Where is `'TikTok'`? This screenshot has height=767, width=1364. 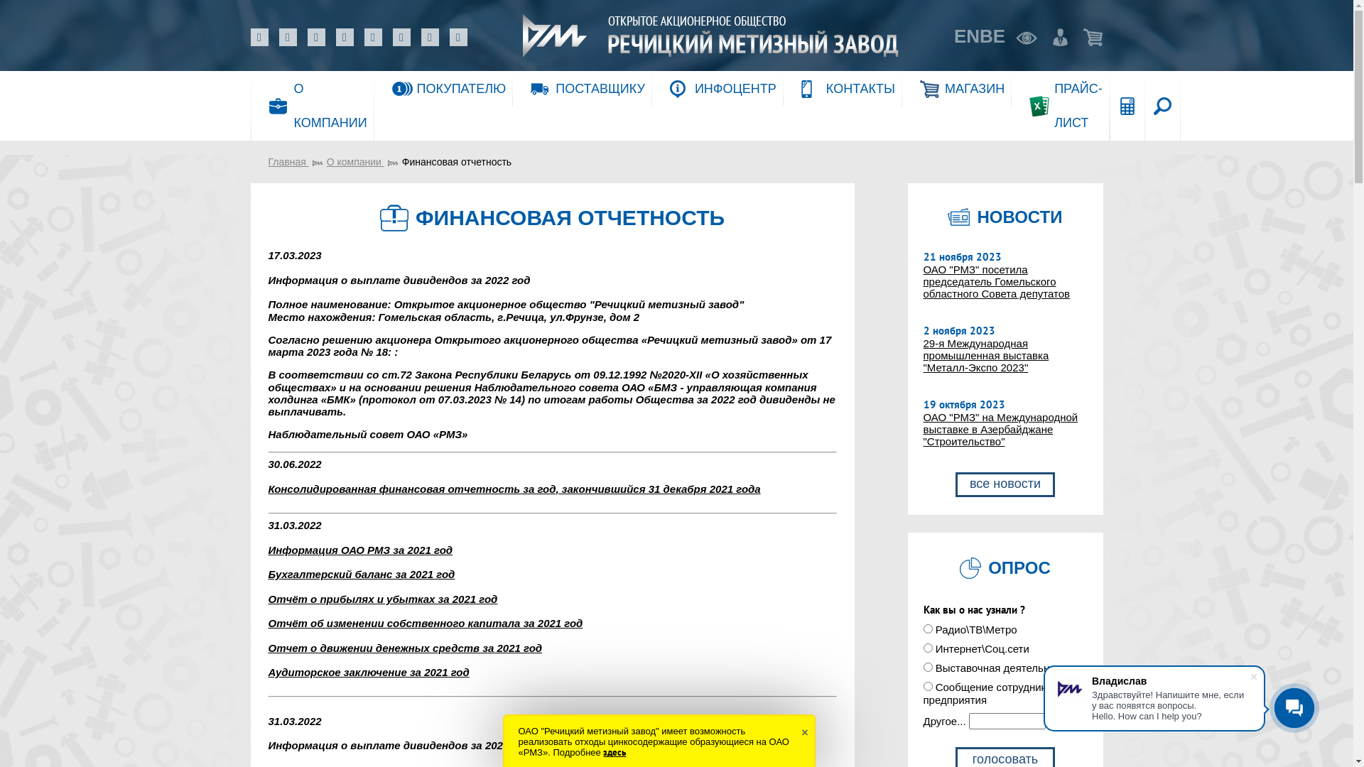
'TikTok' is located at coordinates (400, 36).